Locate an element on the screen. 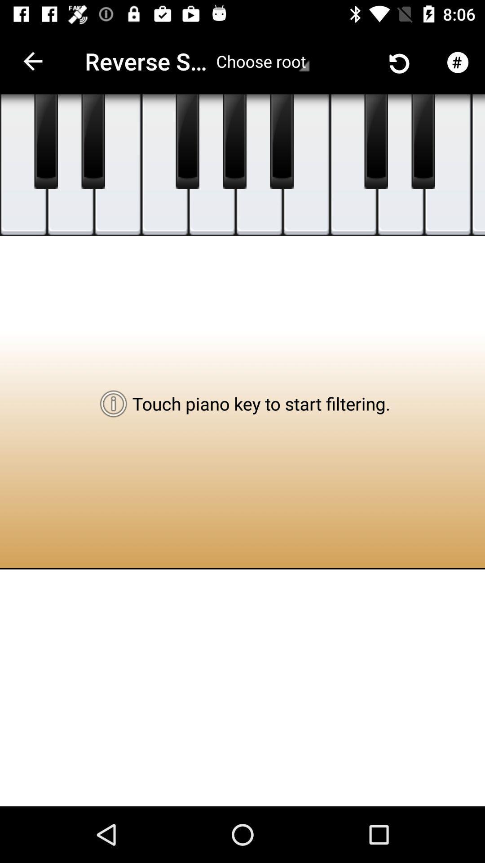  the black color tile which is below the word choose is located at coordinates (234, 141).